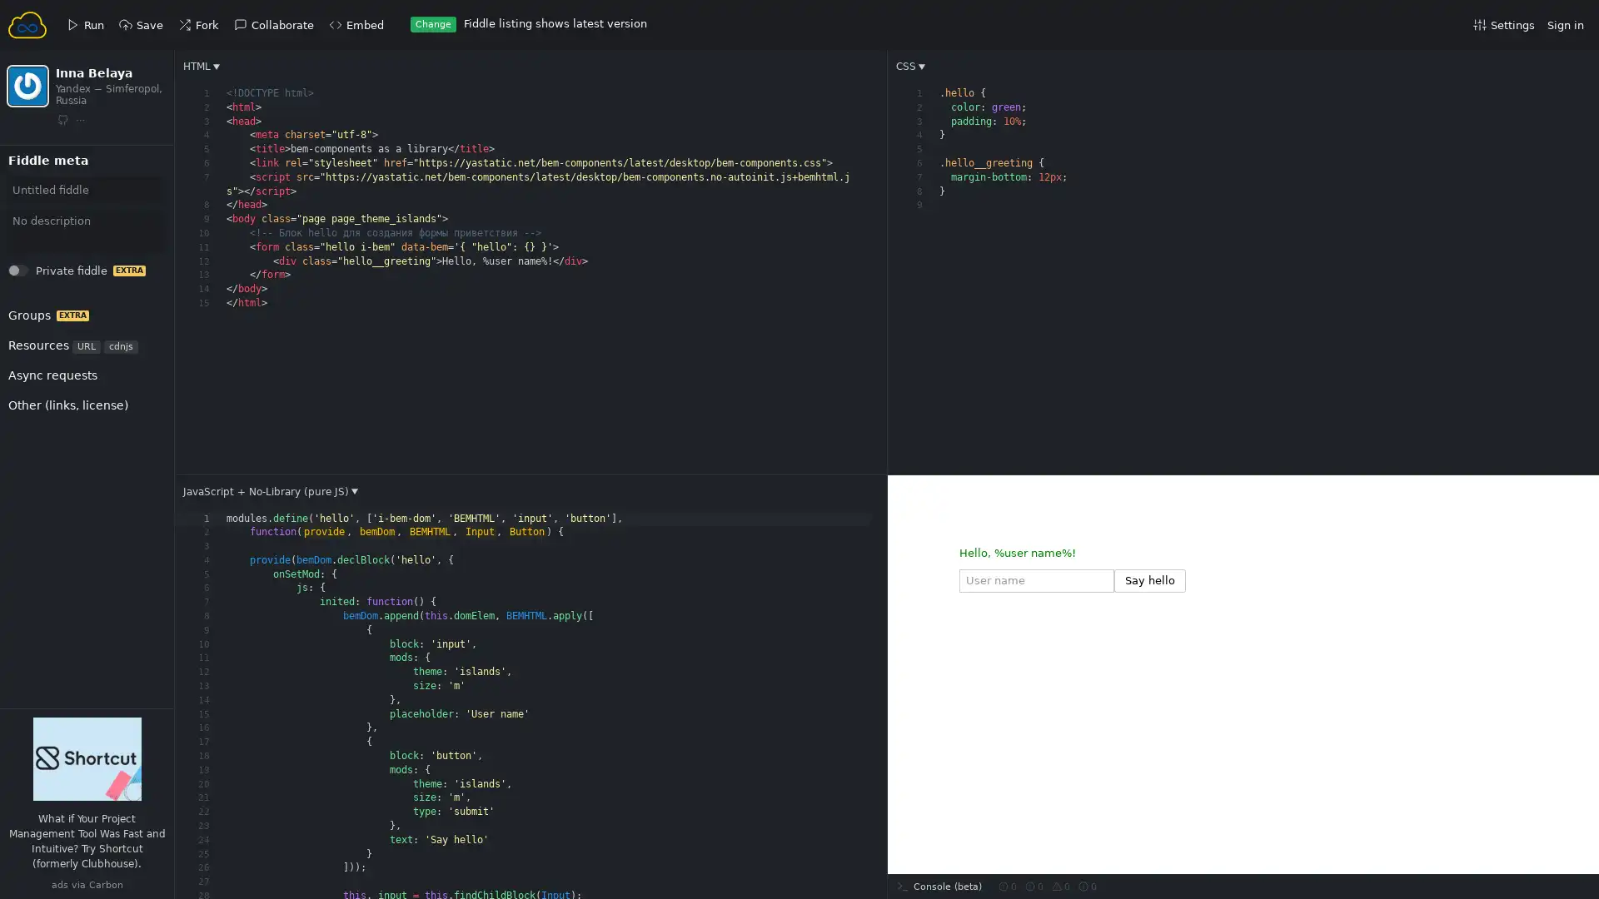  What do you see at coordinates (34, 179) in the screenshot?
I see `Fork` at bounding box center [34, 179].